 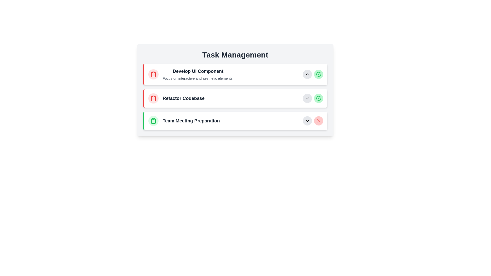 What do you see at coordinates (318, 98) in the screenshot?
I see `the circular green button with a checkmark icon, located next to the 'Refactor Codebase' task item` at bounding box center [318, 98].